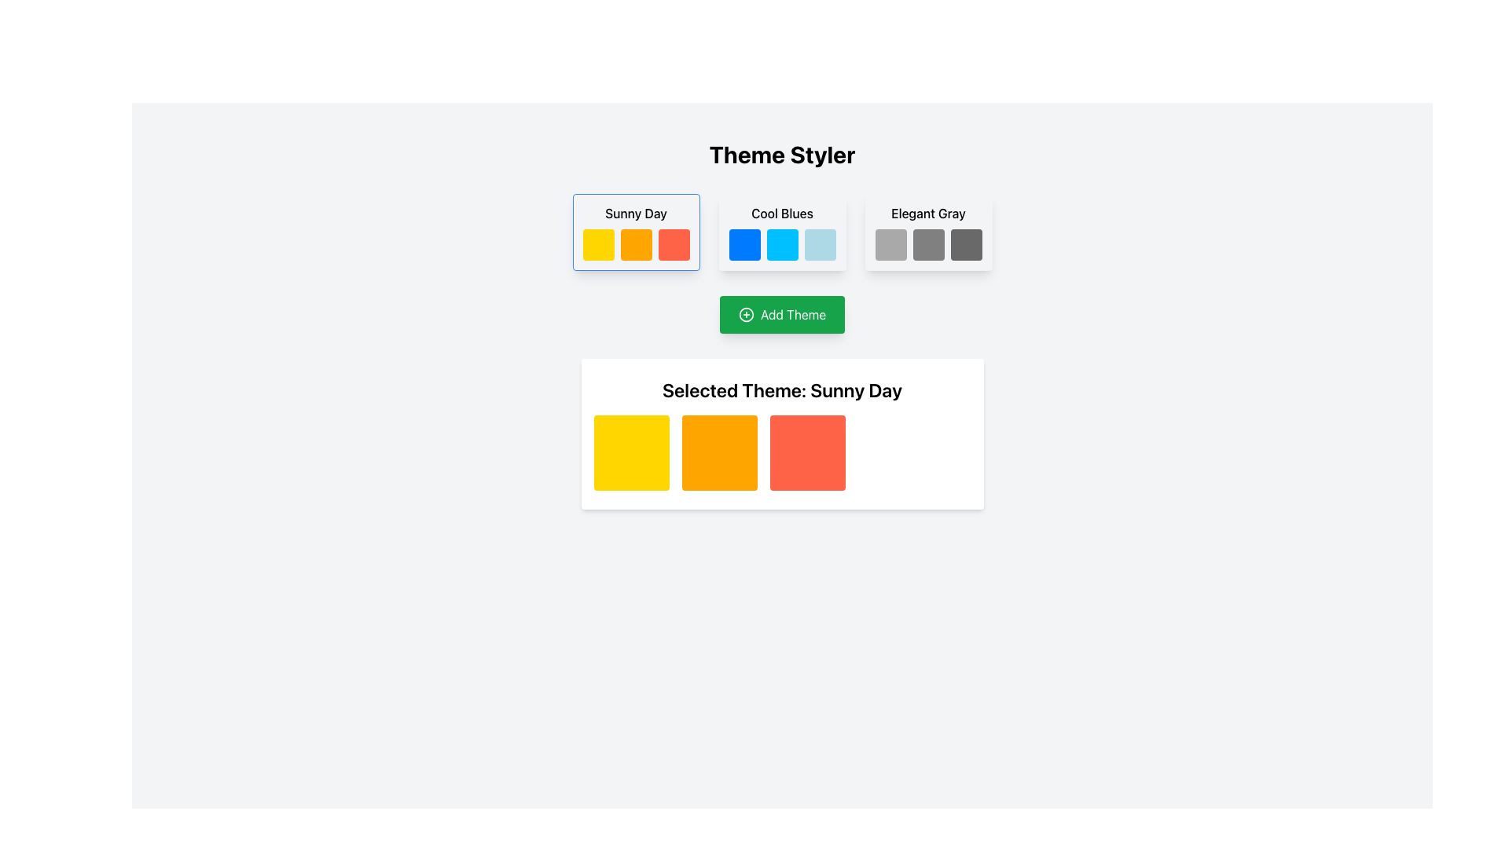  What do you see at coordinates (782, 389) in the screenshot?
I see `the static text display that shows the currently selected theme, which reads 'Sunny Day', located centrally below the 'Add Theme' button` at bounding box center [782, 389].